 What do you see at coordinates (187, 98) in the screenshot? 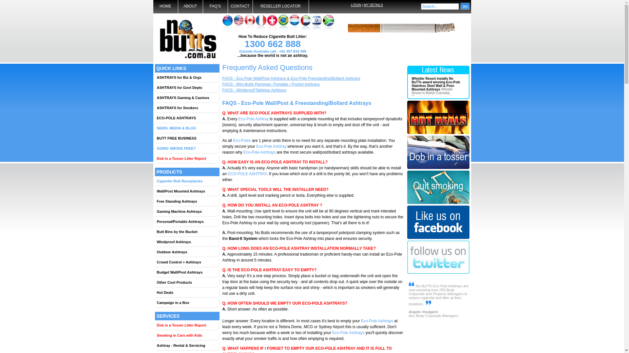
I see `'ASHTRAYS Gaming & Casinos'` at bounding box center [187, 98].